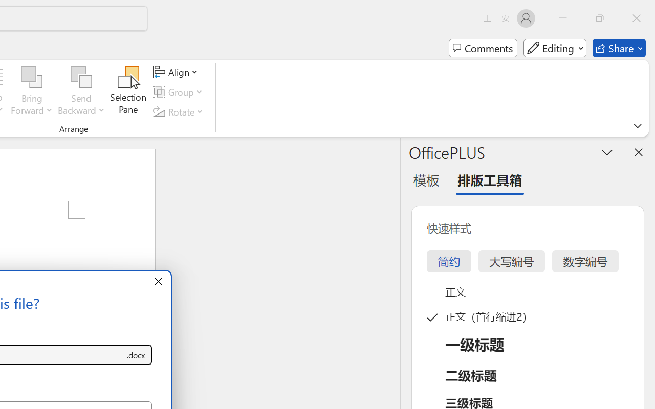 Image resolution: width=655 pixels, height=409 pixels. Describe the element at coordinates (135, 355) in the screenshot. I see `'Save as type'` at that location.